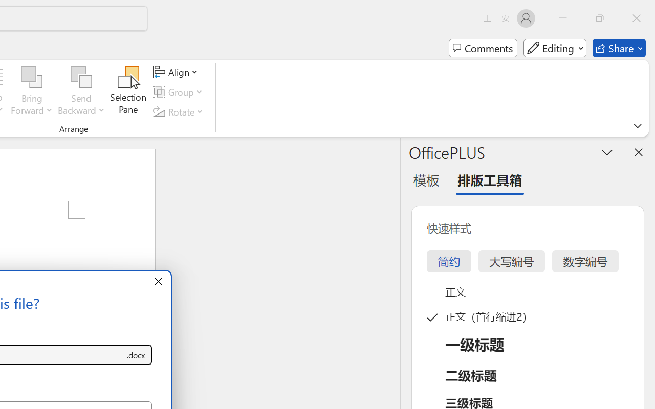 Image resolution: width=655 pixels, height=409 pixels. Describe the element at coordinates (135, 355) in the screenshot. I see `'Save as type'` at that location.